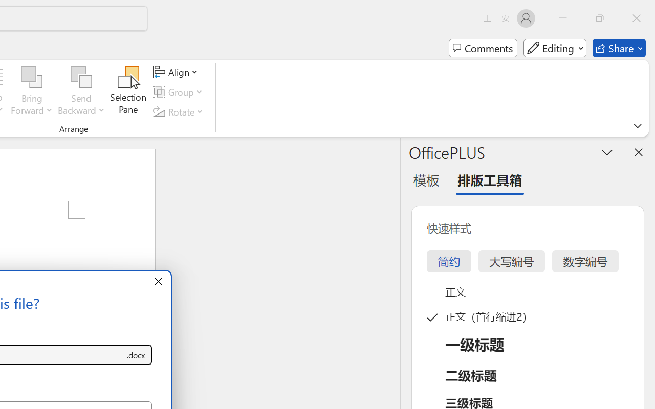 Image resolution: width=655 pixels, height=409 pixels. Describe the element at coordinates (135, 355) in the screenshot. I see `'Save as type'` at that location.